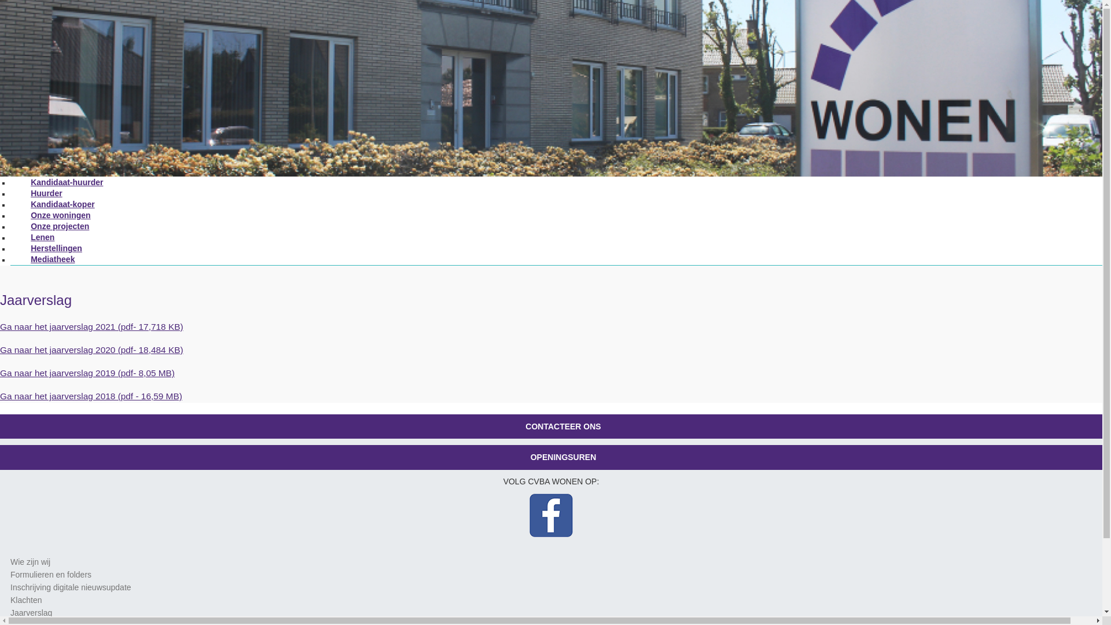 This screenshot has width=1111, height=625. I want to click on 'Inschrijving digitale nieuwsupdate', so click(70, 587).